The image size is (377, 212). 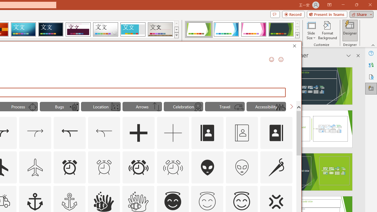 I want to click on '"Location" Icons.', so click(x=101, y=107).